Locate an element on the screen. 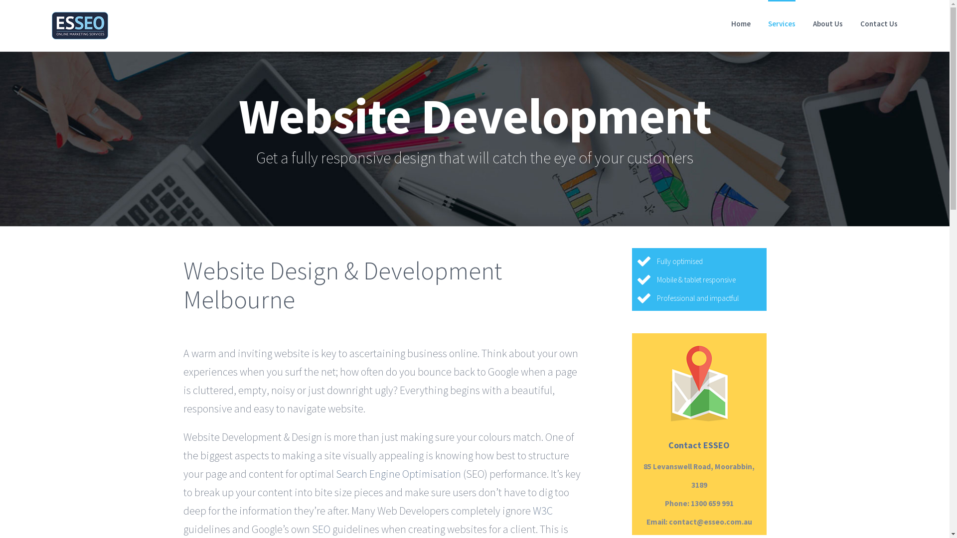 This screenshot has height=538, width=957. 'About Us' is located at coordinates (813, 22).